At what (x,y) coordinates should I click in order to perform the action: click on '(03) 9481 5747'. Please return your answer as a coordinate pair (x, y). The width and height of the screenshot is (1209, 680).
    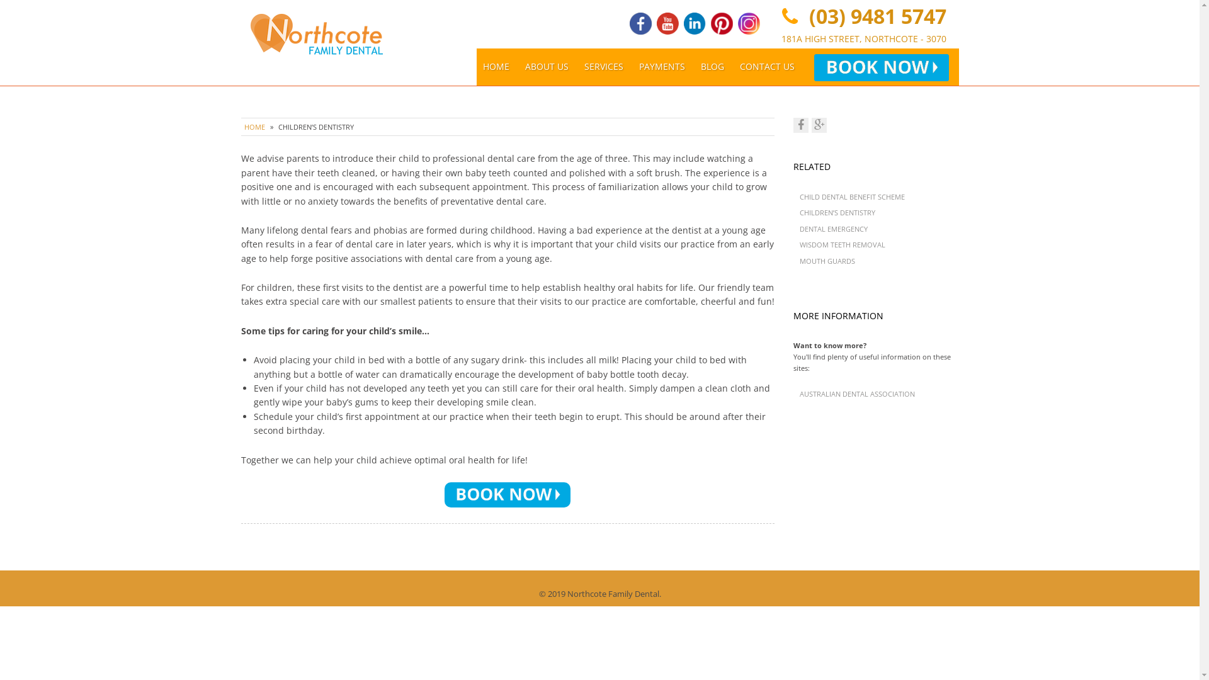
    Looking at the image, I should click on (873, 16).